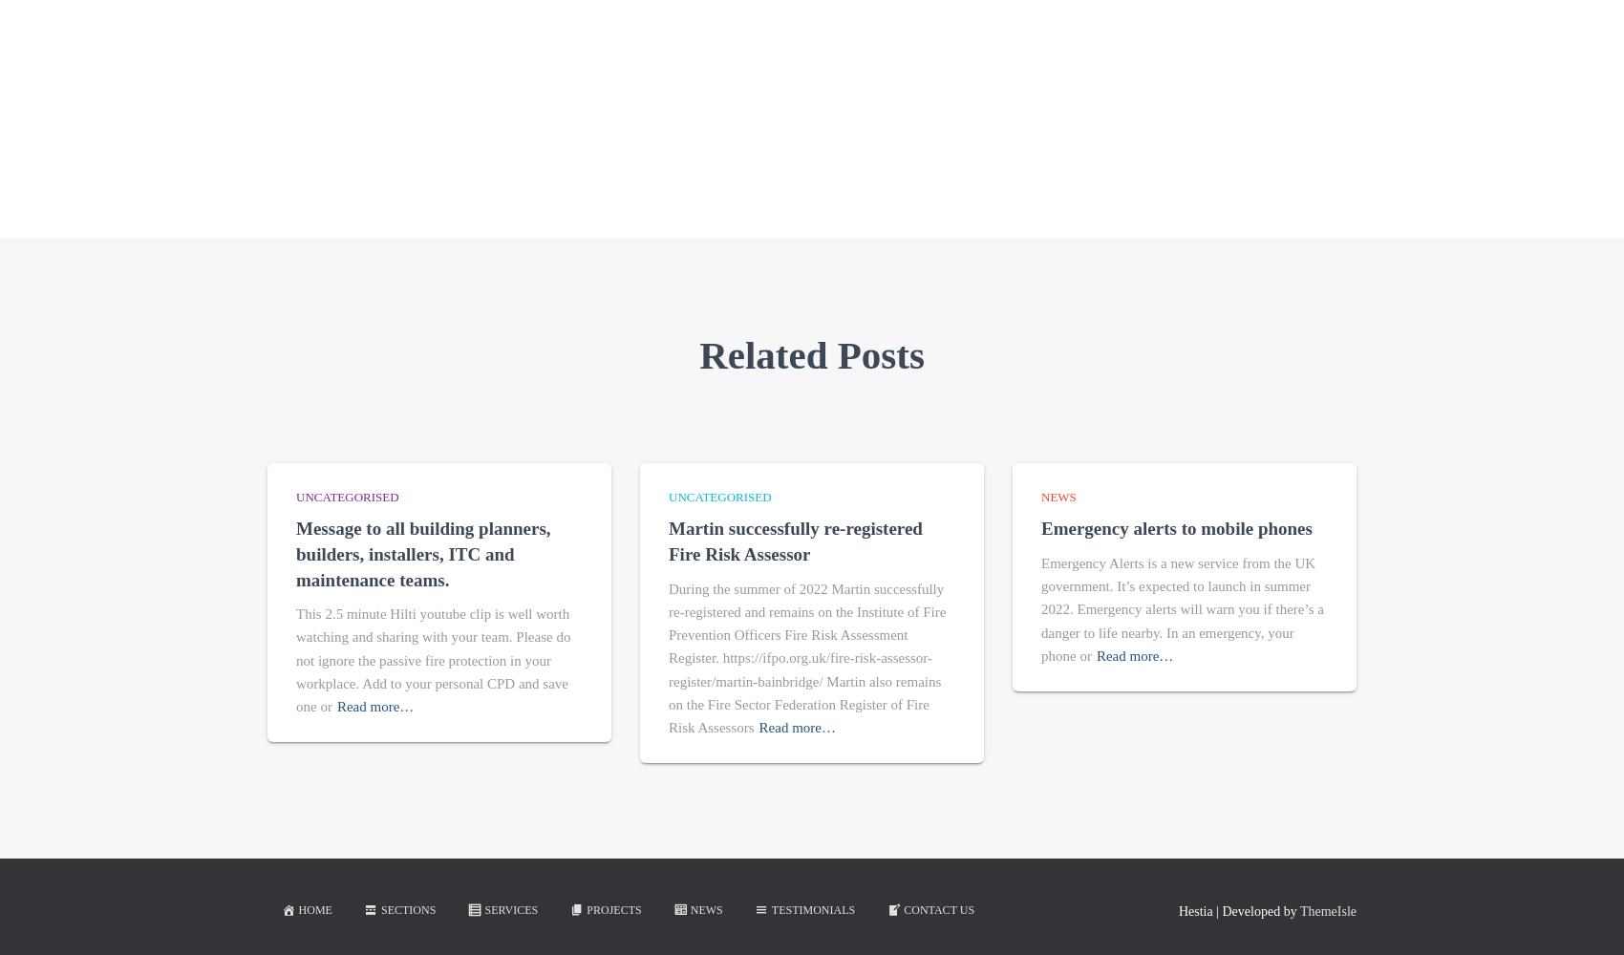 The width and height of the screenshot is (1624, 955). What do you see at coordinates (806, 657) in the screenshot?
I see `'During the summer of 2022 Martin successfully re-registered and remains on the Institute of Fire Prevention Officers Fire Risk Assessment Register. https://ifpo.org.uk/fire-risk-assessor-register/martin-bainbridge/ Martin also remains on the Fire Sector Federation Register of Fire Risk Assessors'` at bounding box center [806, 657].